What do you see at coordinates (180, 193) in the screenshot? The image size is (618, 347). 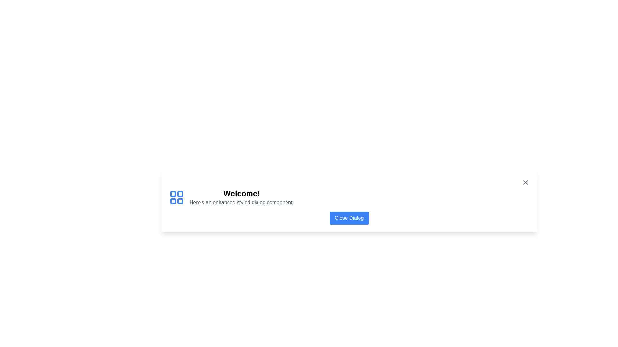 I see `the small square with rounded corners in the SVG element, which is the second square in a 2x2 grid, located to the left of the 'Welcome!' header` at bounding box center [180, 193].